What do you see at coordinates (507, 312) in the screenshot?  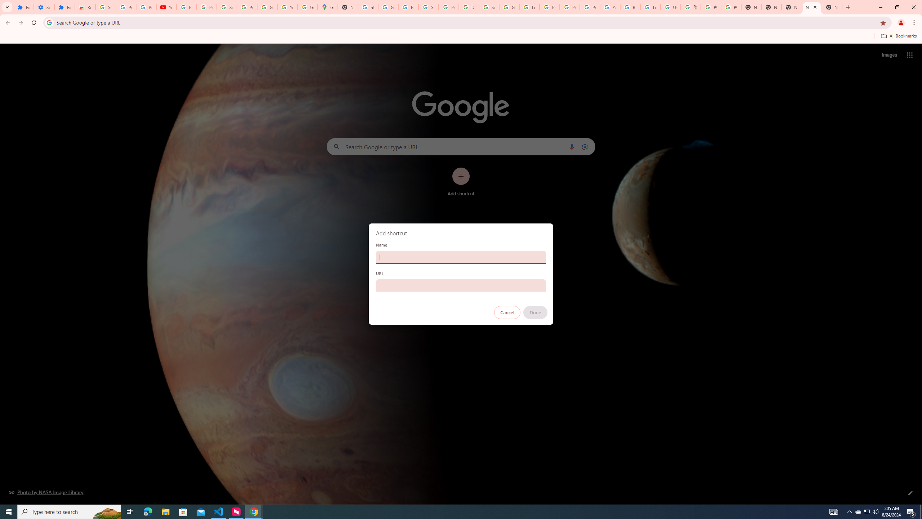 I see `'Cancel'` at bounding box center [507, 312].